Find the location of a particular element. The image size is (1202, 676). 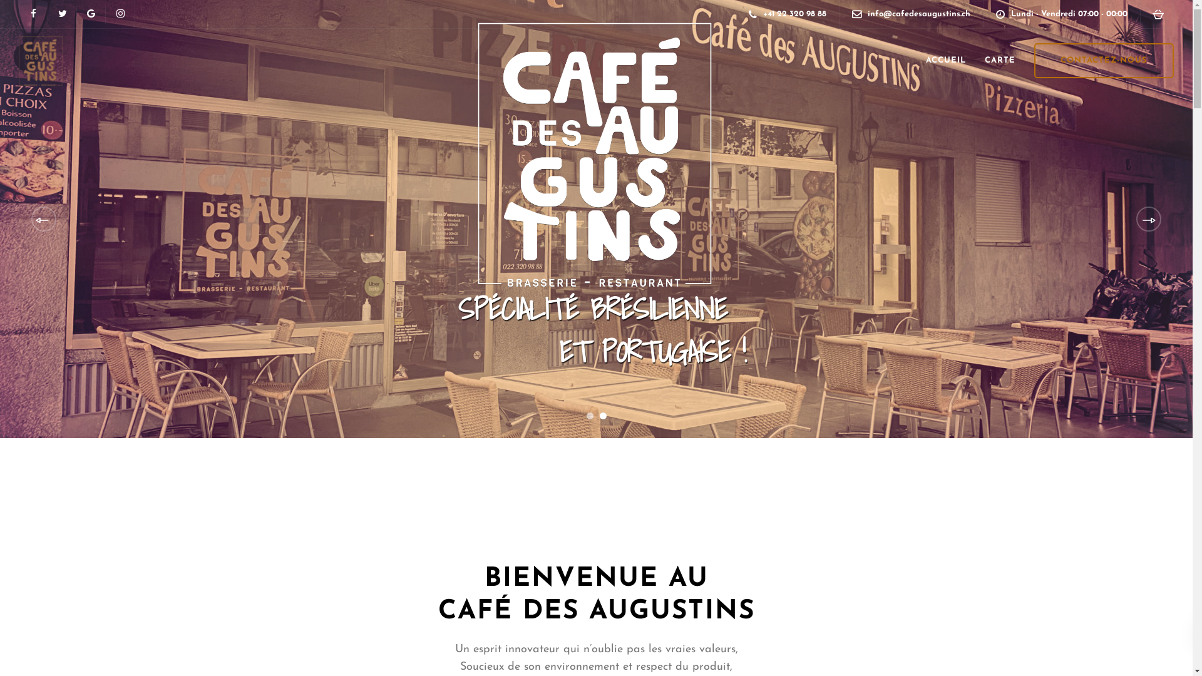

'CONTACTEZ-NOUS' is located at coordinates (1034, 60).